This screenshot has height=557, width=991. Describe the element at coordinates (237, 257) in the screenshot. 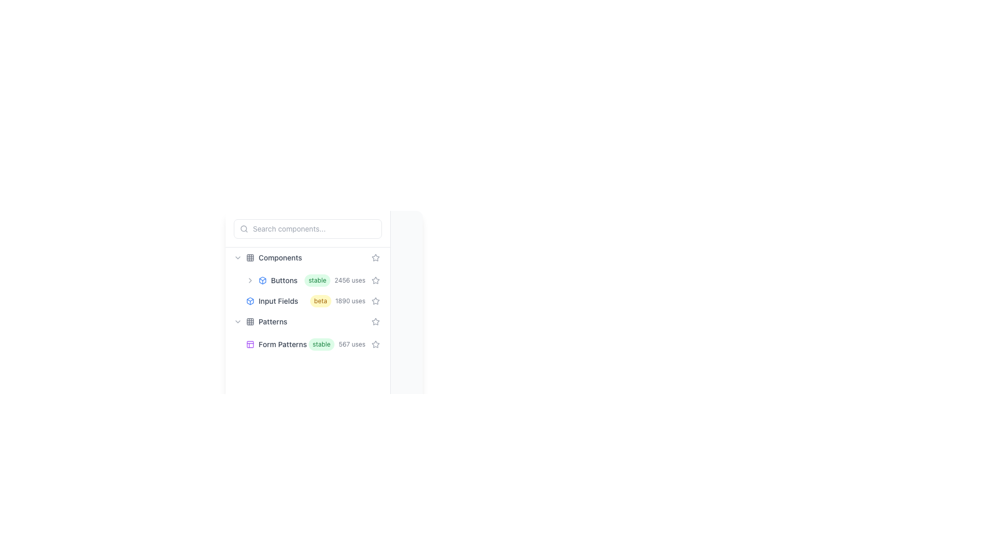

I see `the chevron-down icon located in the left sidebar next to the 'Components' label` at that location.